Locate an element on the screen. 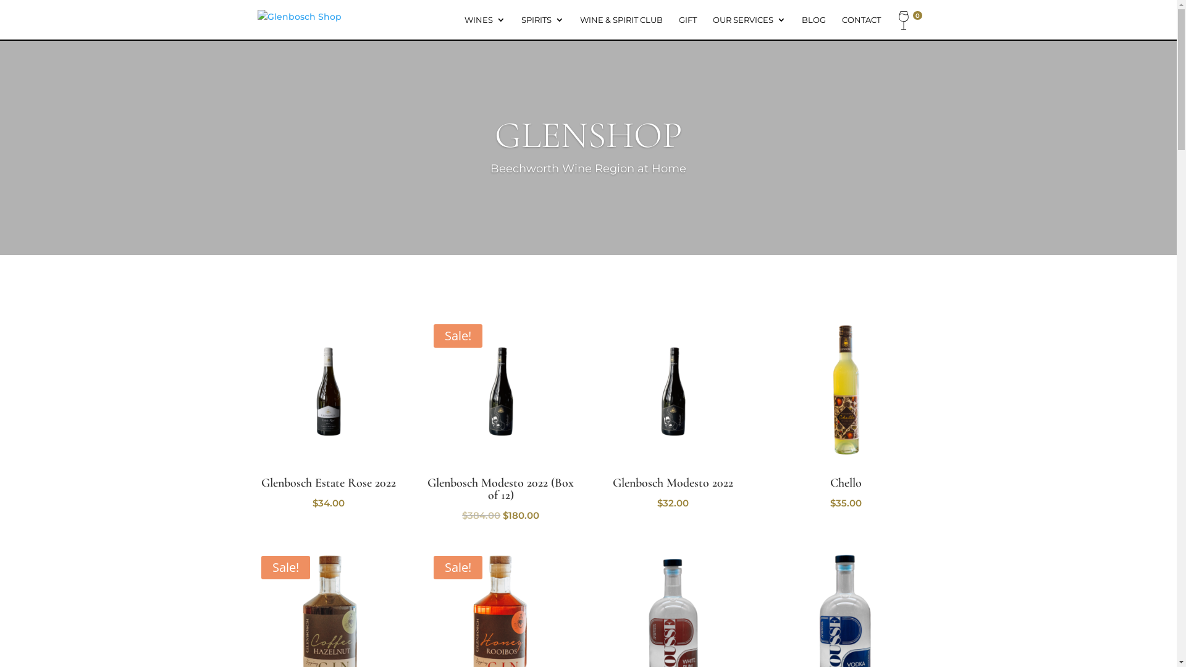  'Sale! is located at coordinates (501, 420).